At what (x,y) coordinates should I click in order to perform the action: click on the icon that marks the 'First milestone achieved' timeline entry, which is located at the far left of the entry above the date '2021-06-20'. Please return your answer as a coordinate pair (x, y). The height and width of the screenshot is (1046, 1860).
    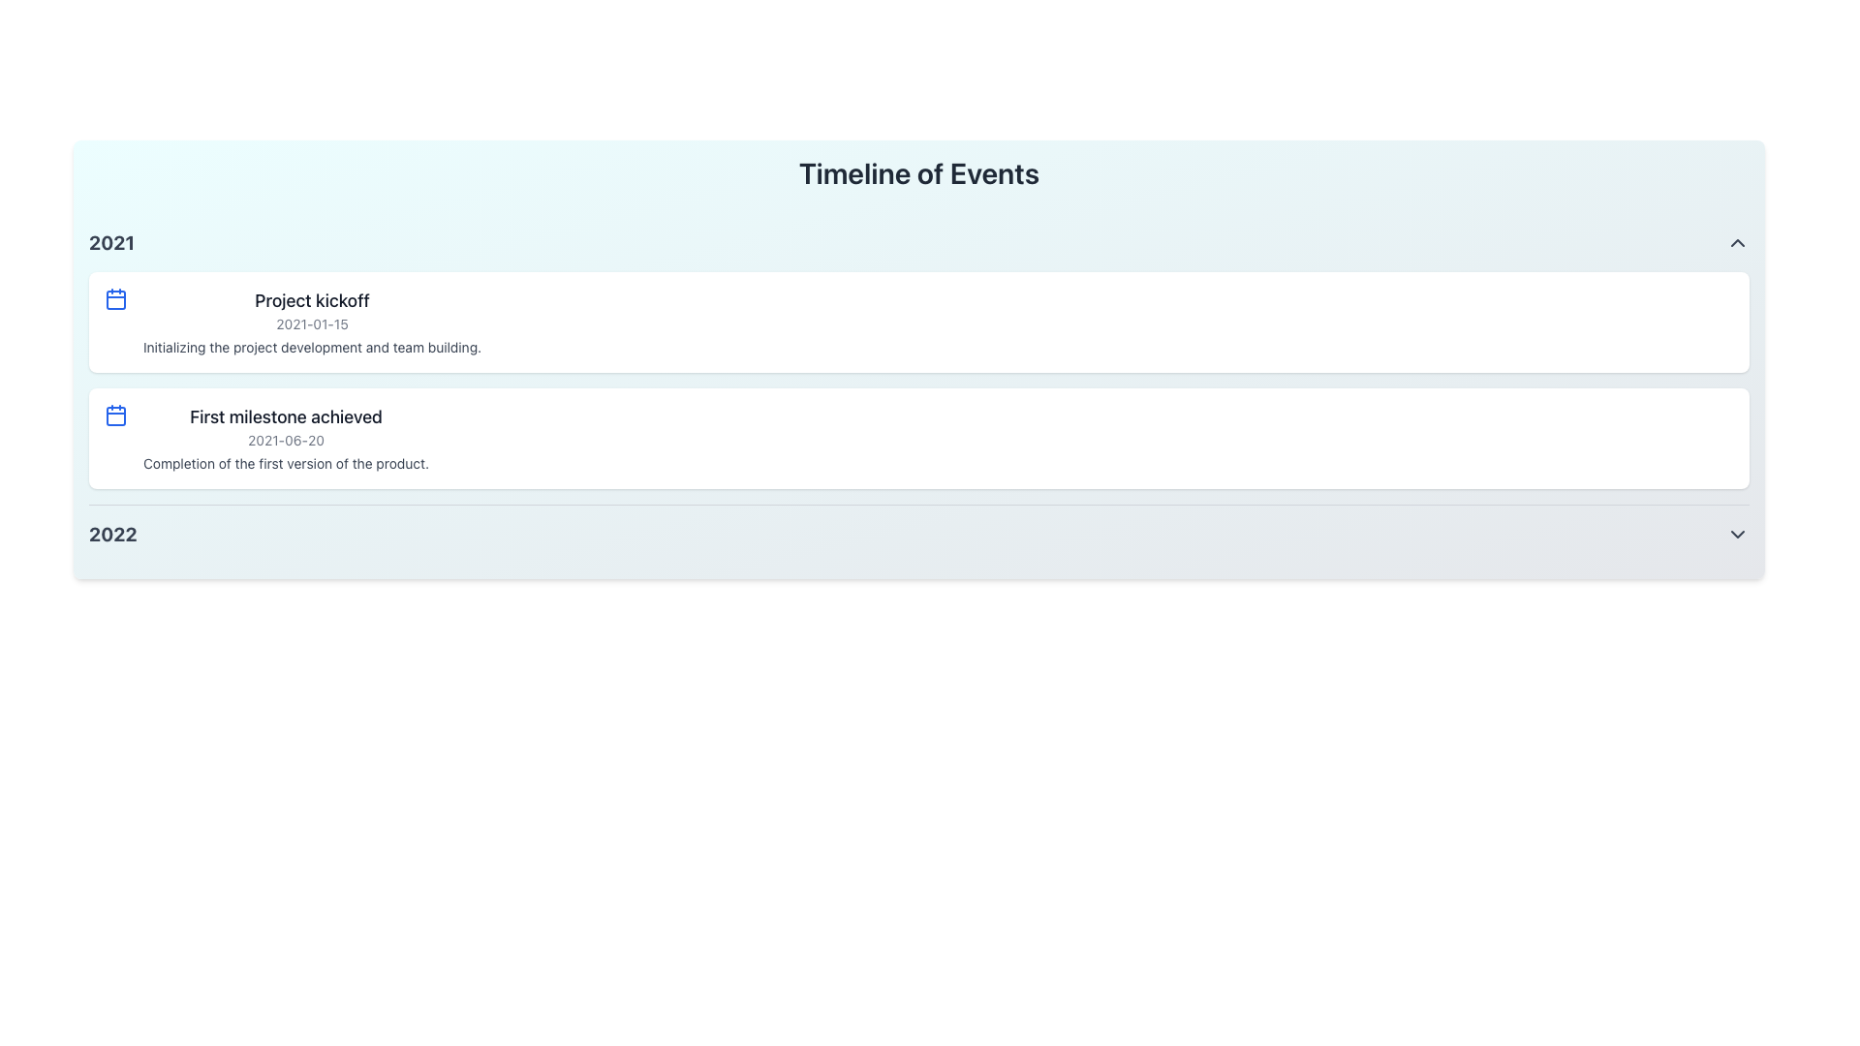
    Looking at the image, I should click on (115, 414).